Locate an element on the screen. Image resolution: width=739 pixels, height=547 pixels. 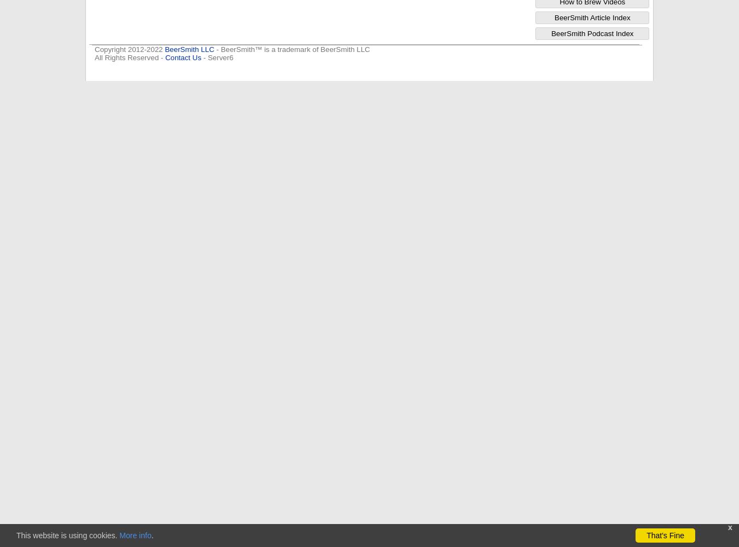
'This website is using cookies.' is located at coordinates (15, 535).